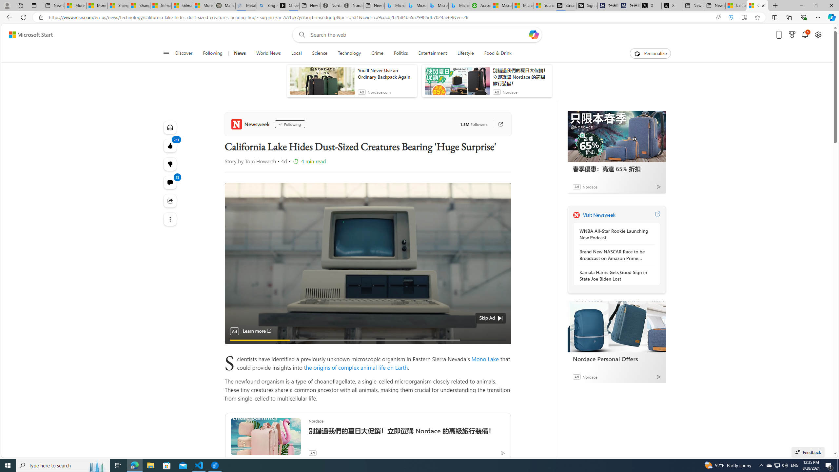 This screenshot has width=839, height=472. What do you see at coordinates (288, 5) in the screenshot?
I see `'Chloe Sorvino'` at bounding box center [288, 5].